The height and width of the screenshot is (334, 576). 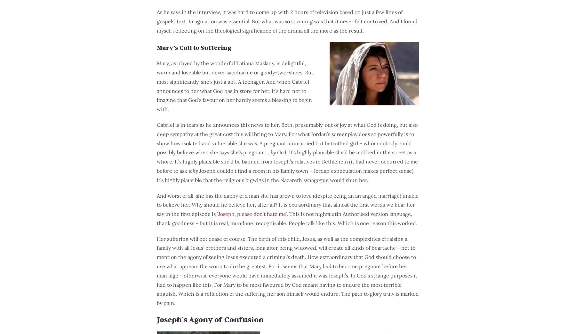 What do you see at coordinates (285, 175) in the screenshot?
I see `'Joseph couldn’t find a room in his family town – Jordan’s speculation makes perfect sense). It’s highly plausible that the religious bigwigs in the Nazareth synagogue would shun her.'` at bounding box center [285, 175].